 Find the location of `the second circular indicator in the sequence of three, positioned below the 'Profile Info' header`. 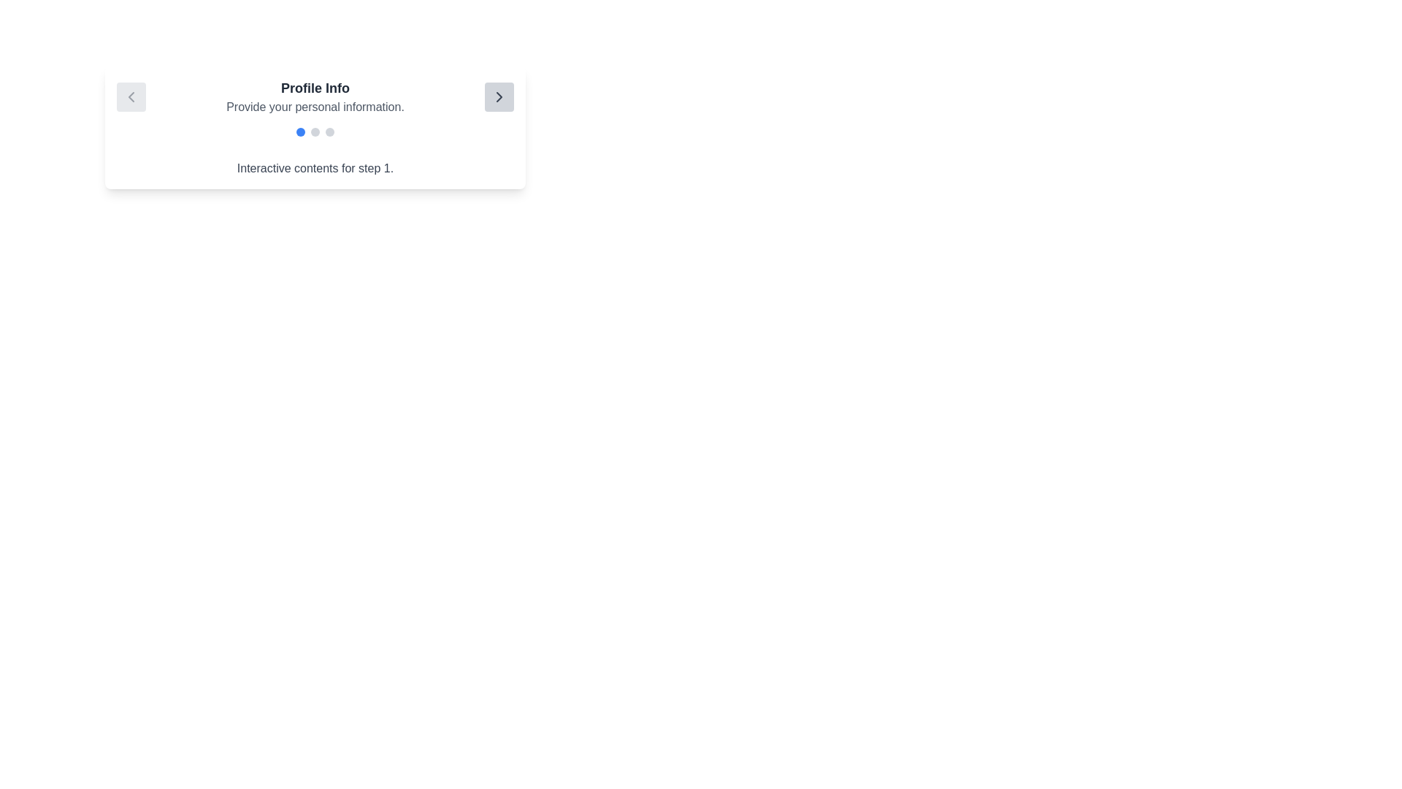

the second circular indicator in the sequence of three, positioned below the 'Profile Info' header is located at coordinates (315, 132).